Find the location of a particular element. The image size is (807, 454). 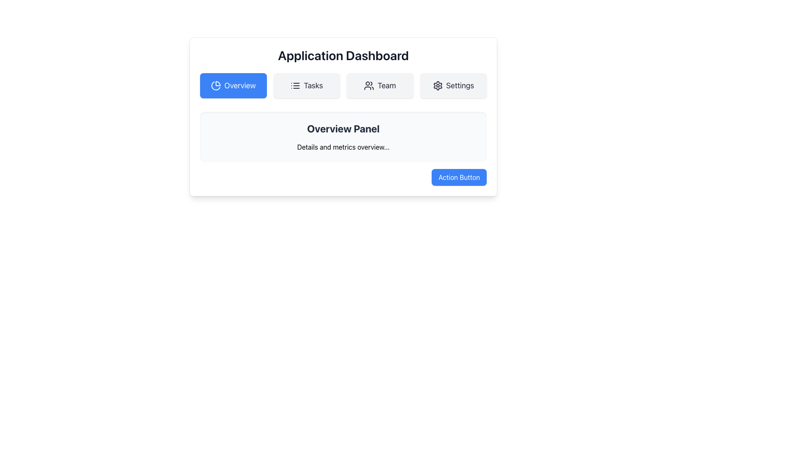

the 'Team' button, which has a gray background and an icon of a group of people on the left is located at coordinates (380, 86).